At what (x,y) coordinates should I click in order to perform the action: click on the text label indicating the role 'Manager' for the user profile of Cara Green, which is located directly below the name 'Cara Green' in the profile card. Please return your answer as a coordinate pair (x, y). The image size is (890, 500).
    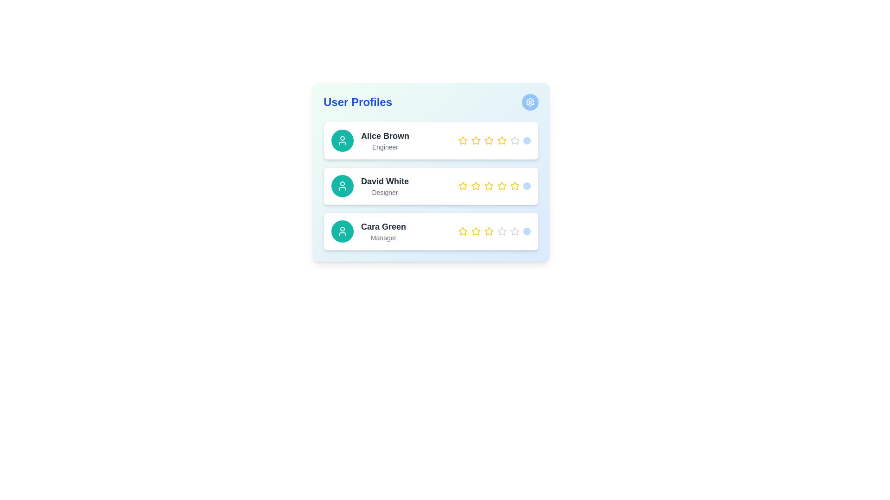
    Looking at the image, I should click on (383, 237).